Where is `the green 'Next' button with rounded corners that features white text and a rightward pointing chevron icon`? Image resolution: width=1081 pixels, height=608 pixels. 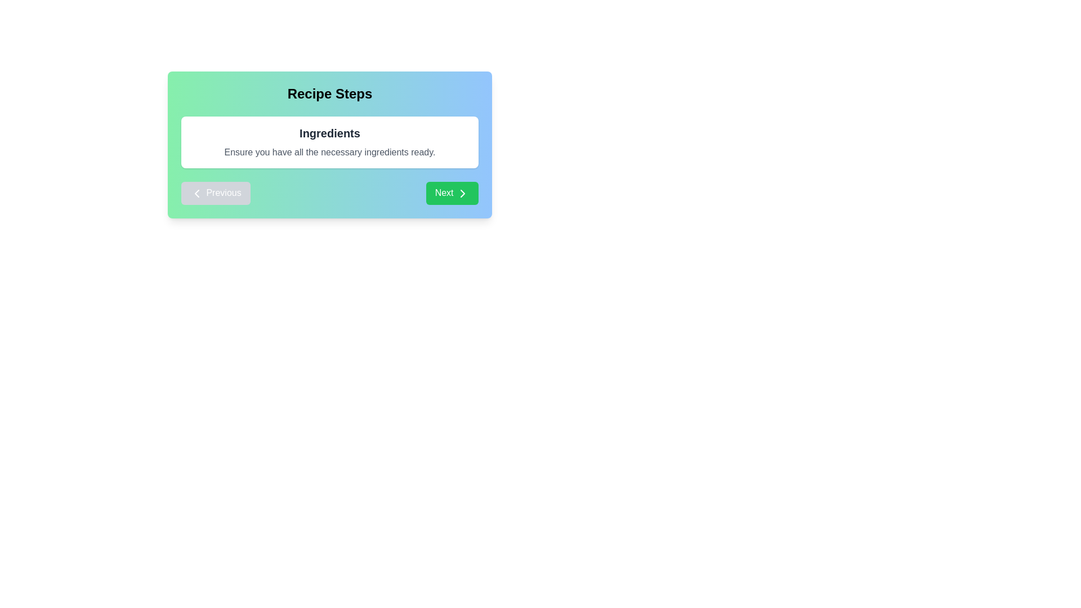 the green 'Next' button with rounded corners that features white text and a rightward pointing chevron icon is located at coordinates (452, 193).